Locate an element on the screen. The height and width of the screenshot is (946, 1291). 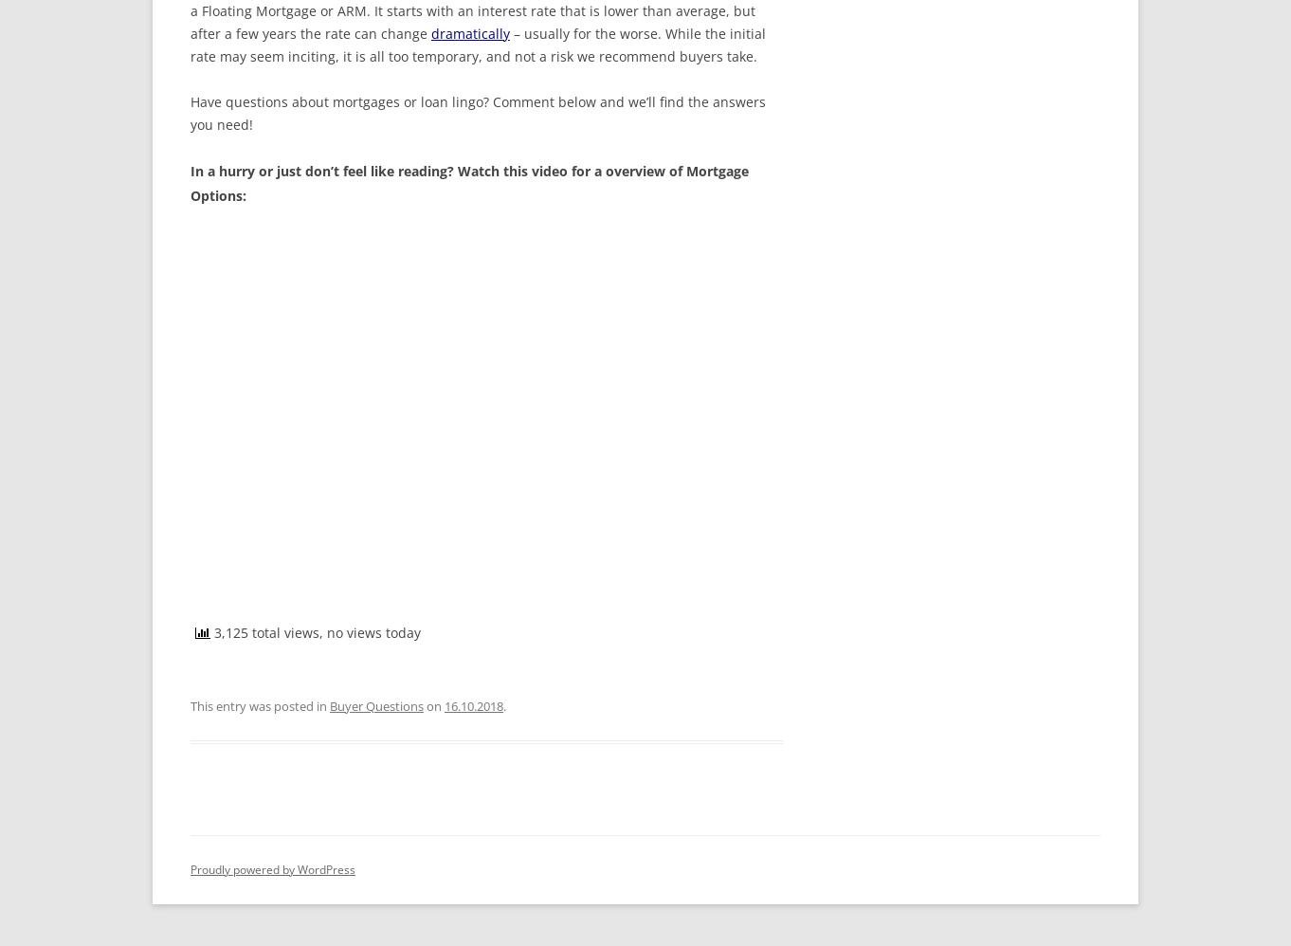
'Have questions about mortgages or loan lingo? Comment below and we’ll find the answers you need!' is located at coordinates (191, 112).